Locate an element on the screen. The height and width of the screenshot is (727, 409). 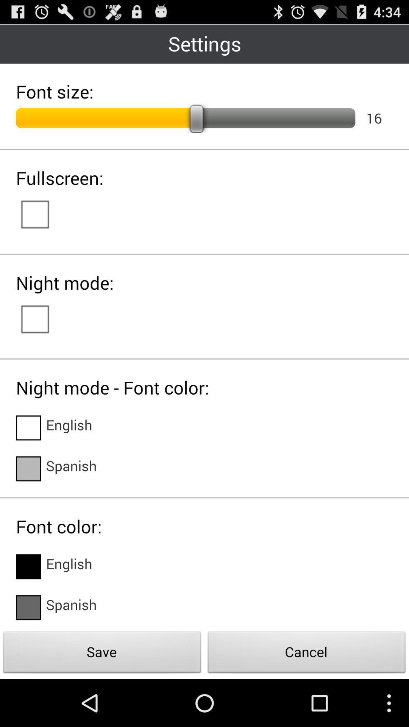
icon to the left of the cancel button is located at coordinates (102, 654).